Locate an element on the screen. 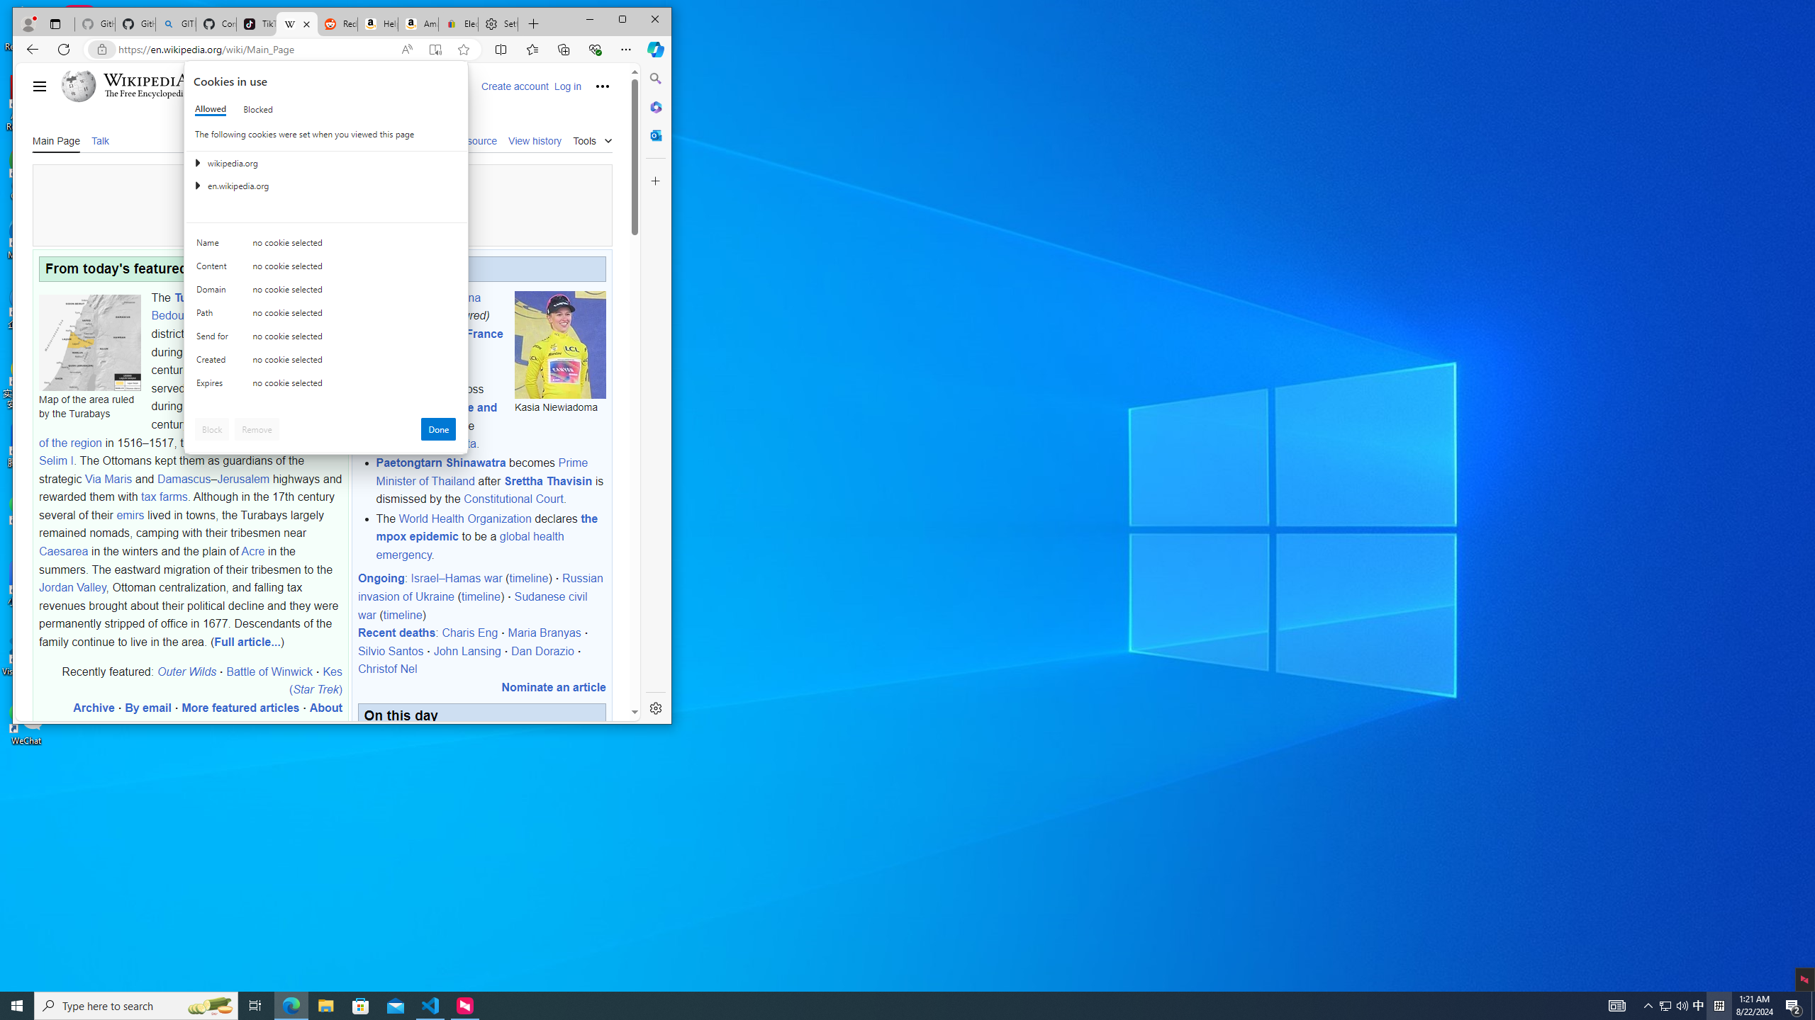  'Tray Input Indicator - Chinese (Simplified, China)' is located at coordinates (1719, 1004).